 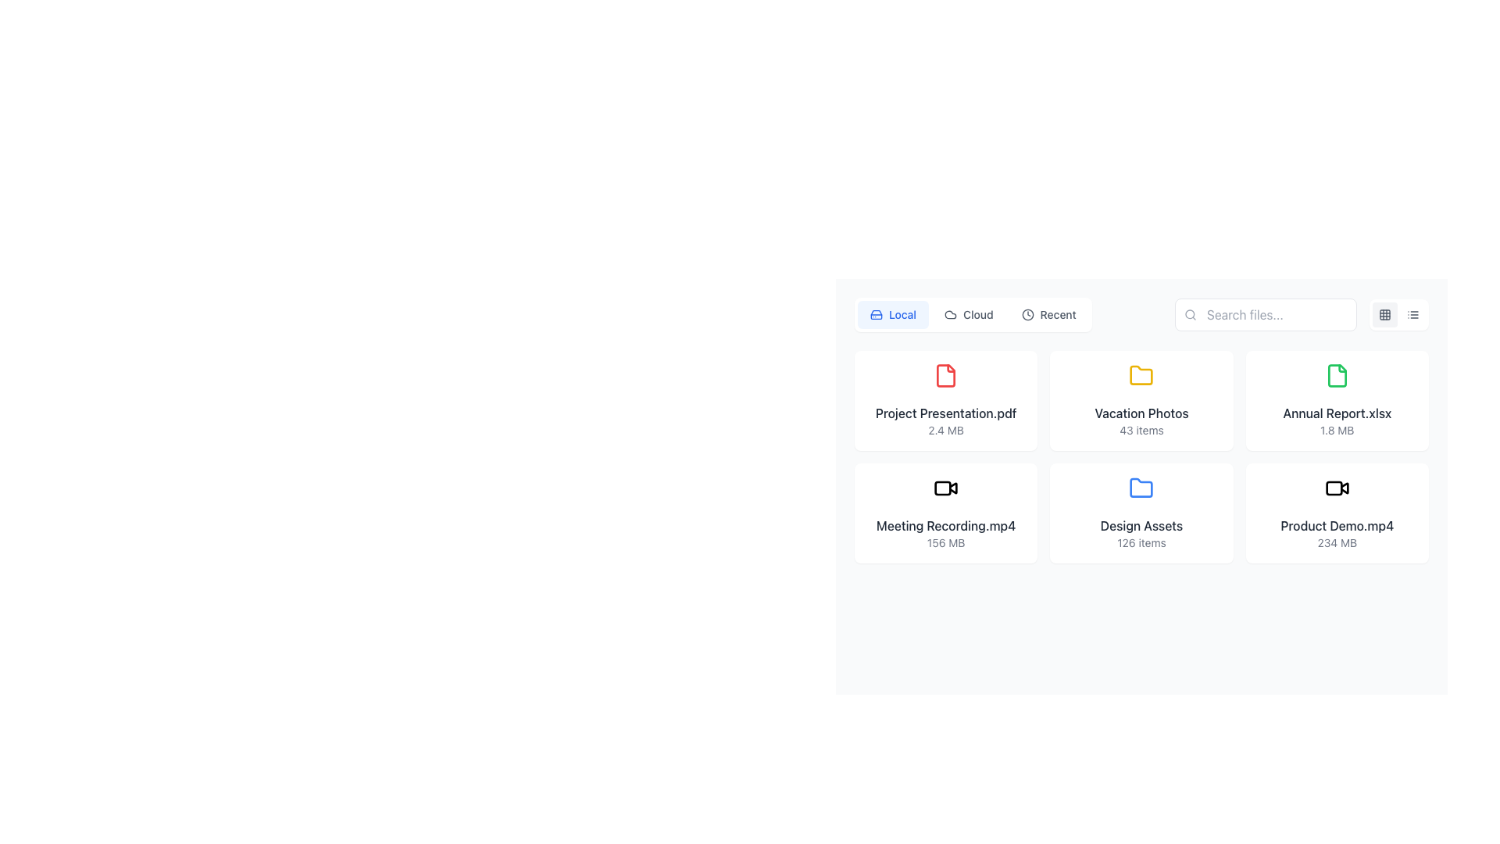 What do you see at coordinates (945, 400) in the screenshot?
I see `the file entry for 'Project Presentation.pdf'` at bounding box center [945, 400].